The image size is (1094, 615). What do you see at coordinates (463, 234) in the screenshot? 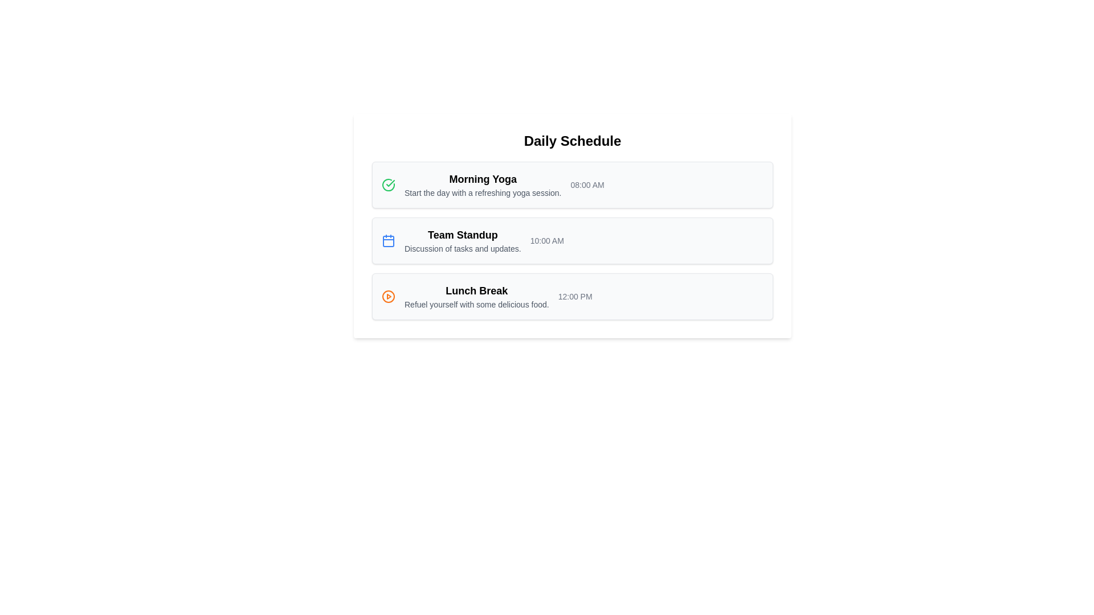
I see `title 'Team Standup' from the text label located in the second row of the vertically stacked list, positioned to the right of the blue calendar icon` at bounding box center [463, 234].